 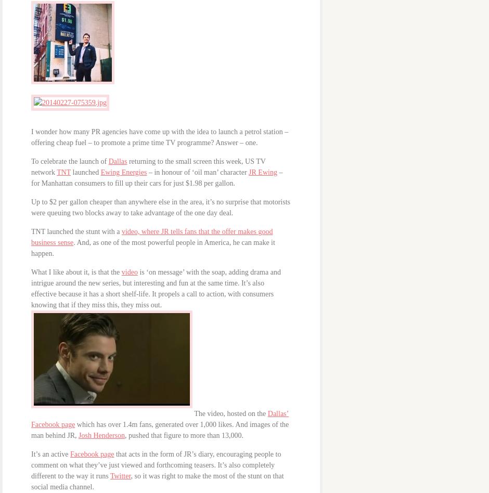 I want to click on 'Dallas’ Facebook page', so click(x=159, y=419).